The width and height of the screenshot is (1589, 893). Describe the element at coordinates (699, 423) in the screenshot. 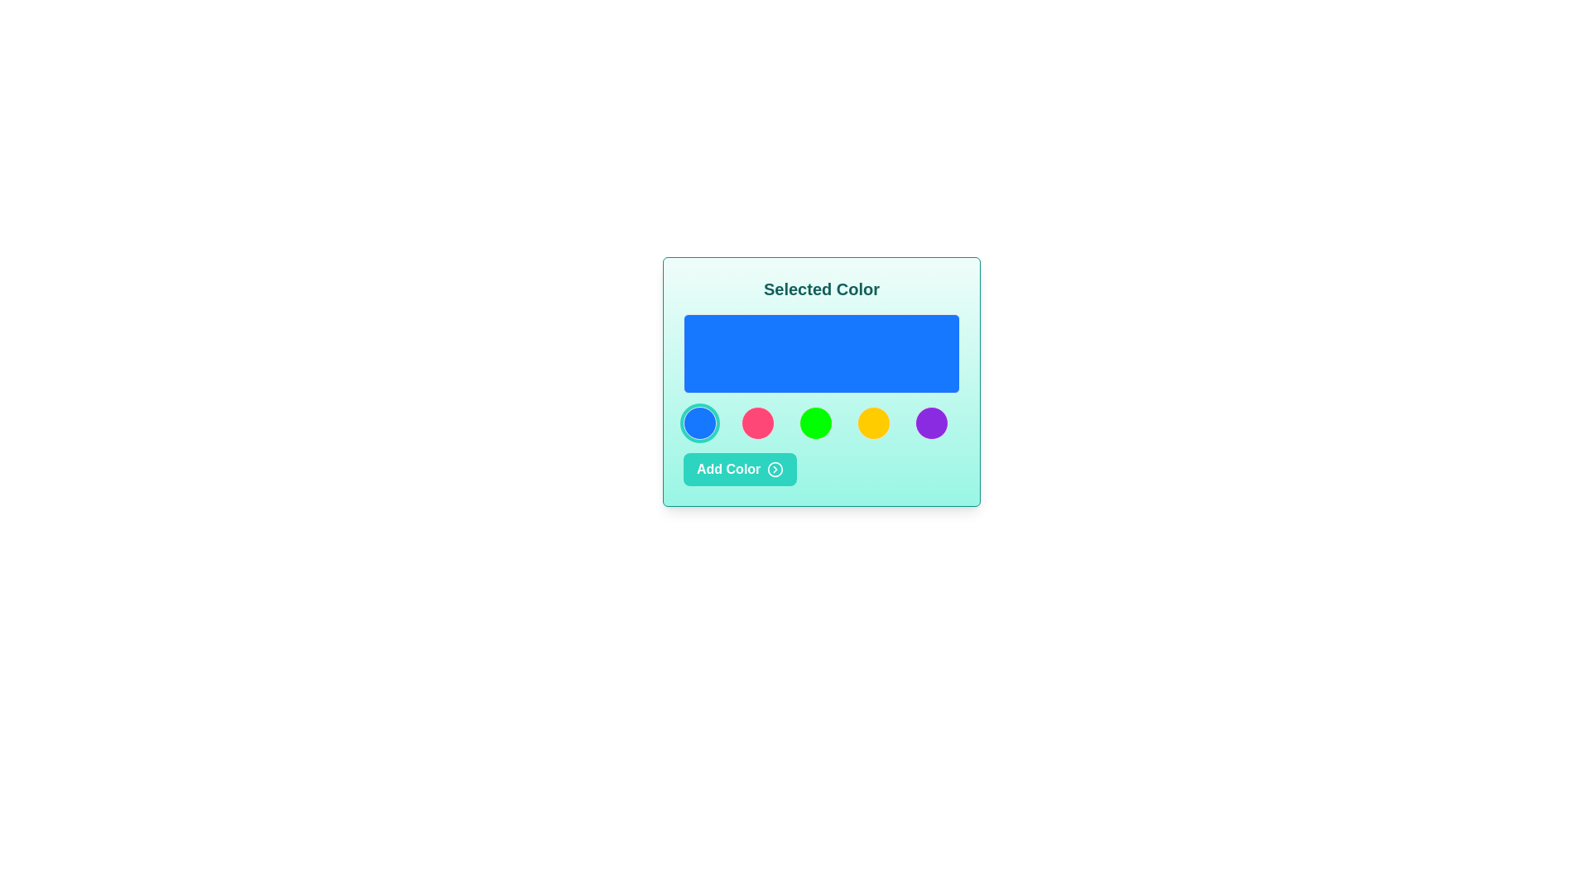

I see `the first circular button in the color-selection grid` at that location.